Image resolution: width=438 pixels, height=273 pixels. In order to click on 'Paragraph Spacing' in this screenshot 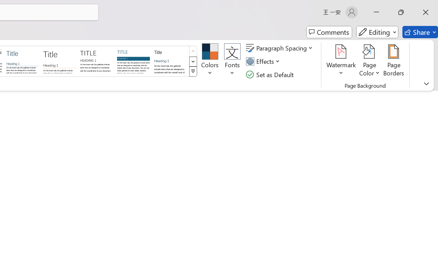, I will do `click(280, 48)`.